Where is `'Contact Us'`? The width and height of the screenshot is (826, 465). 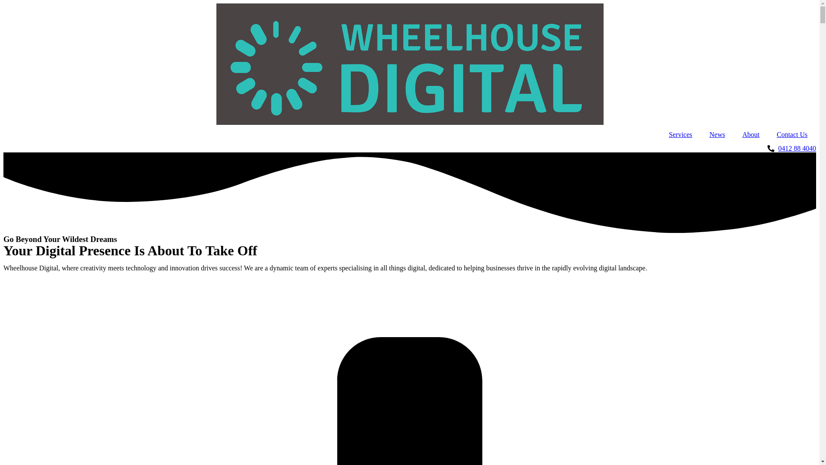
'Contact Us' is located at coordinates (768, 134).